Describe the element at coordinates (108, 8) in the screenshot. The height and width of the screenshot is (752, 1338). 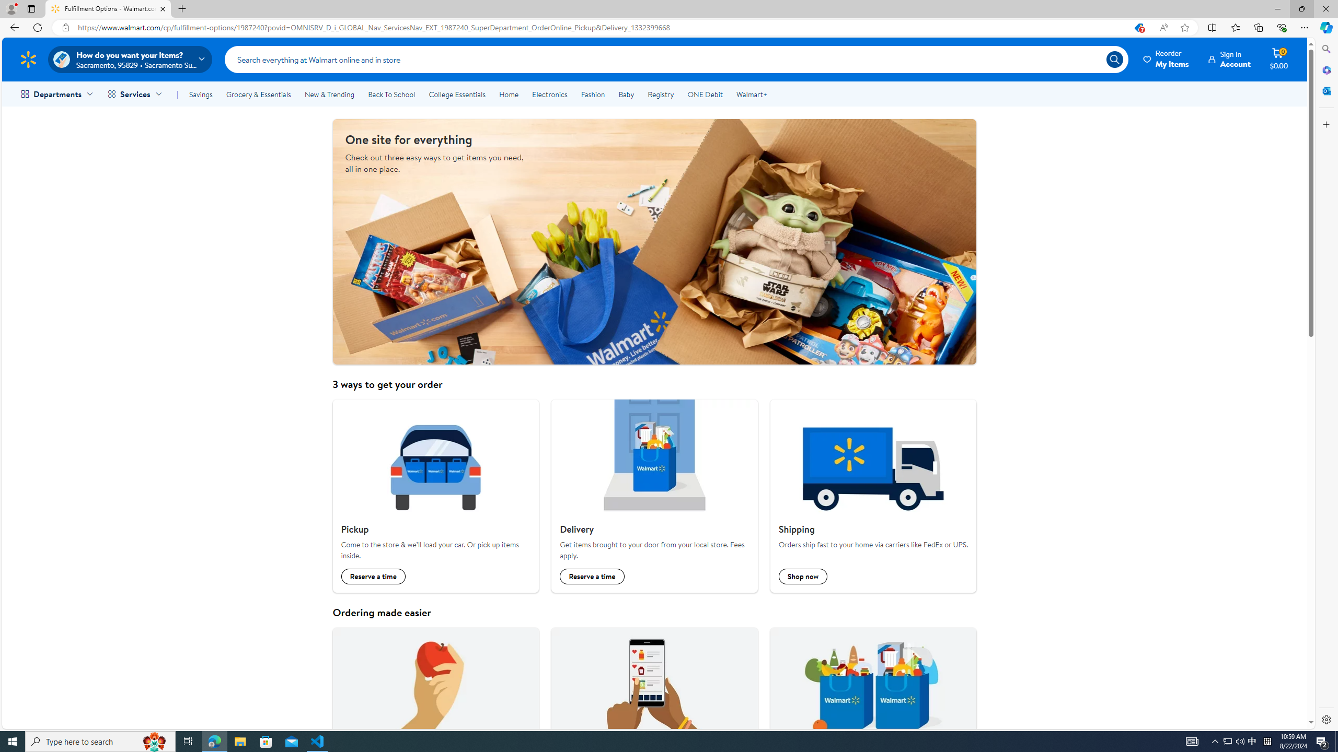
I see `'Fulfillment Options - Walmart.com'` at that location.